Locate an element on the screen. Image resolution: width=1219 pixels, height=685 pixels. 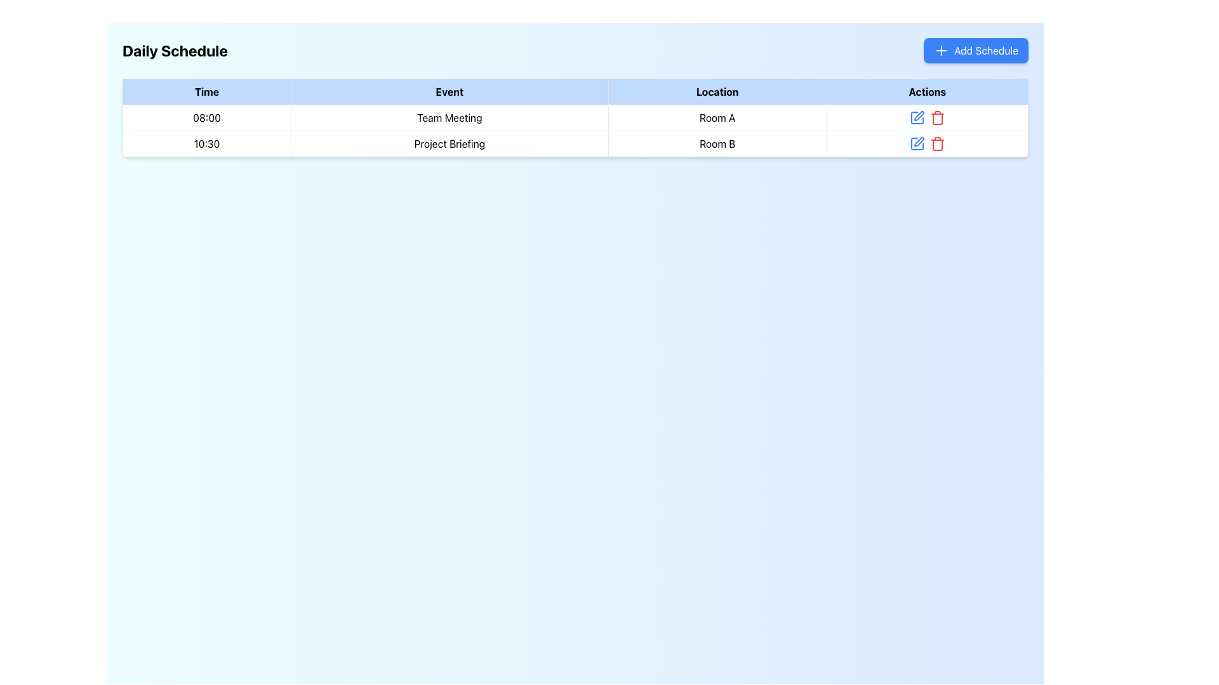
the 'Add Schedule' button located at the top-right corner of the interface, which contains the '+' icon for adding a new schedule entry is located at coordinates (942, 50).